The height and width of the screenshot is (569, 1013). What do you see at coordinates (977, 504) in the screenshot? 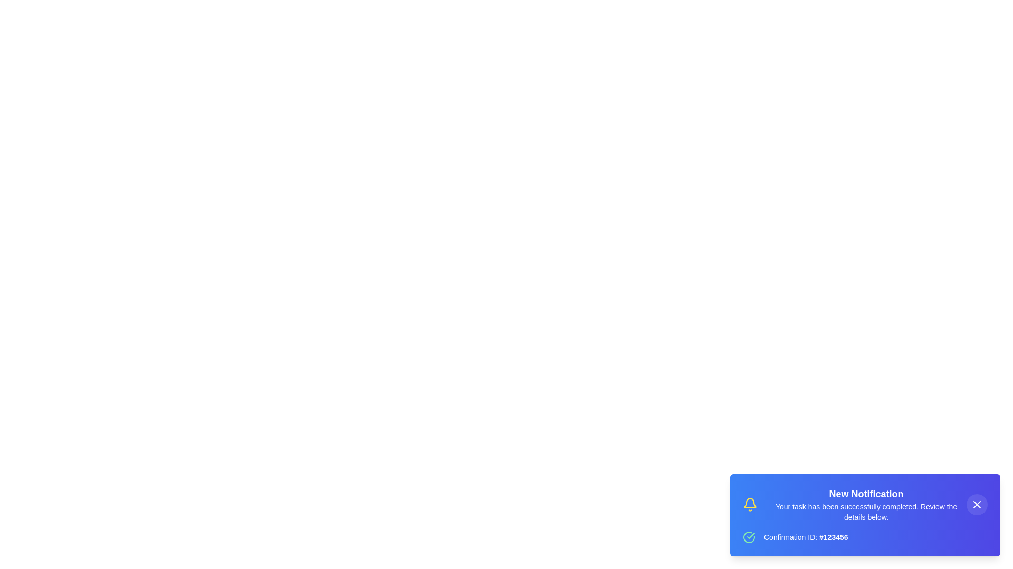
I see `the Close button (icon) styled as an 'X' within a circular button located at the top-right corner of the notification card` at bounding box center [977, 504].